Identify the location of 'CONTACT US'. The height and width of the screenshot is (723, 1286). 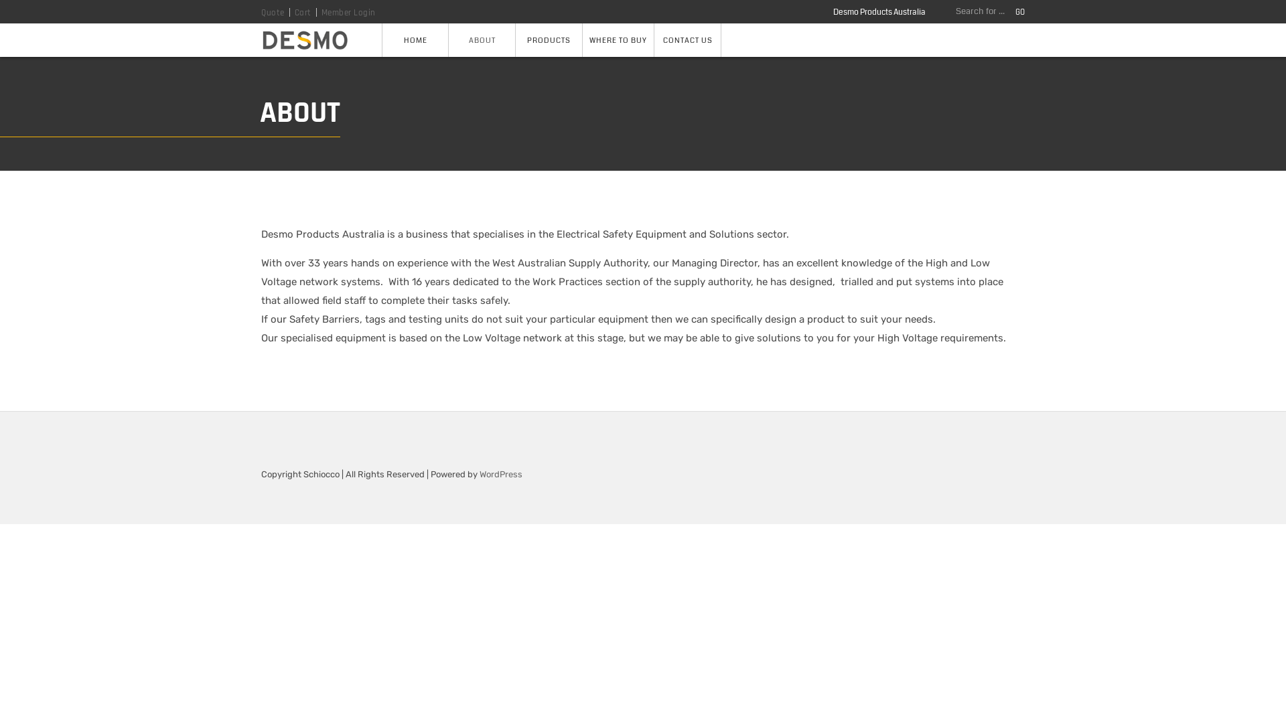
(688, 39).